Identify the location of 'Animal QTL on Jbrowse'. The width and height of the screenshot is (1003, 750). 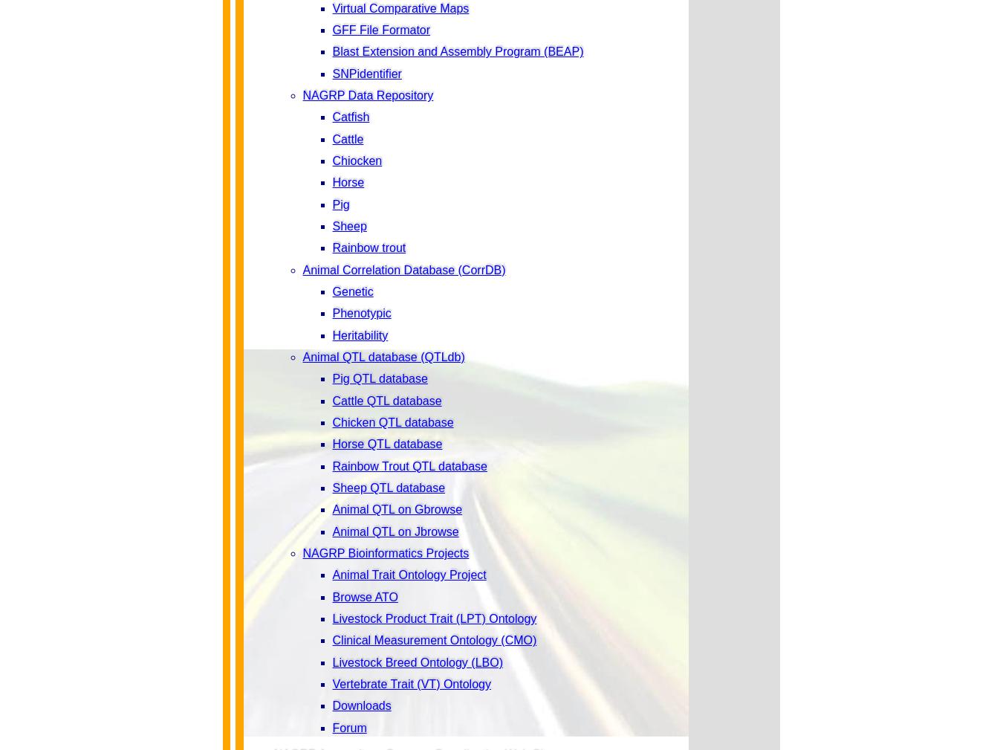
(395, 531).